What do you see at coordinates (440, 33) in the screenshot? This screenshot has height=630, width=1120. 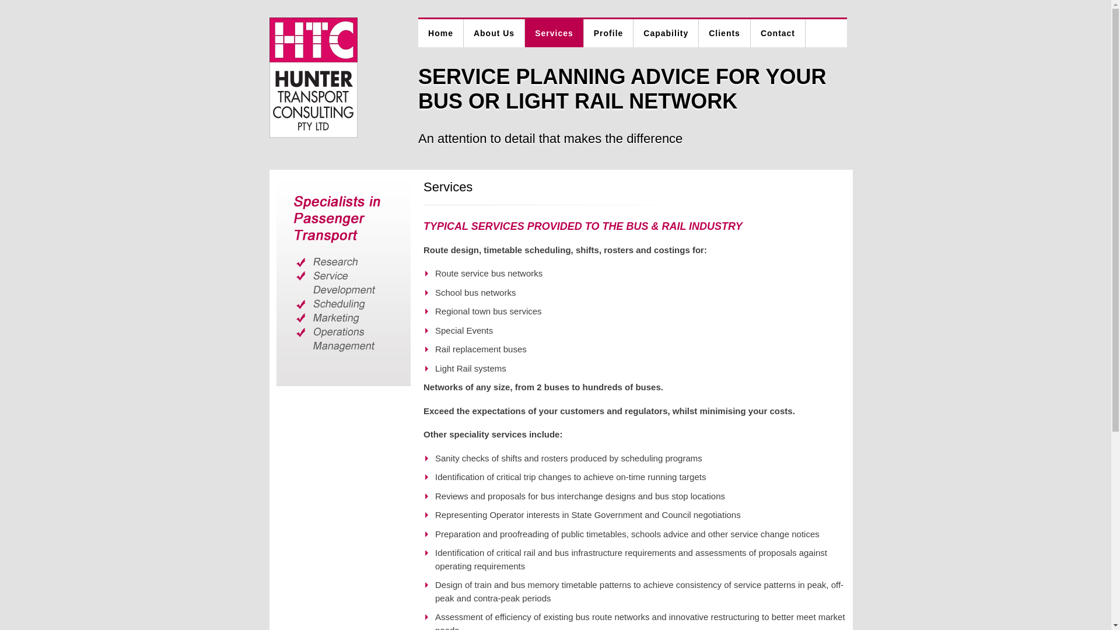 I see `'Home'` at bounding box center [440, 33].